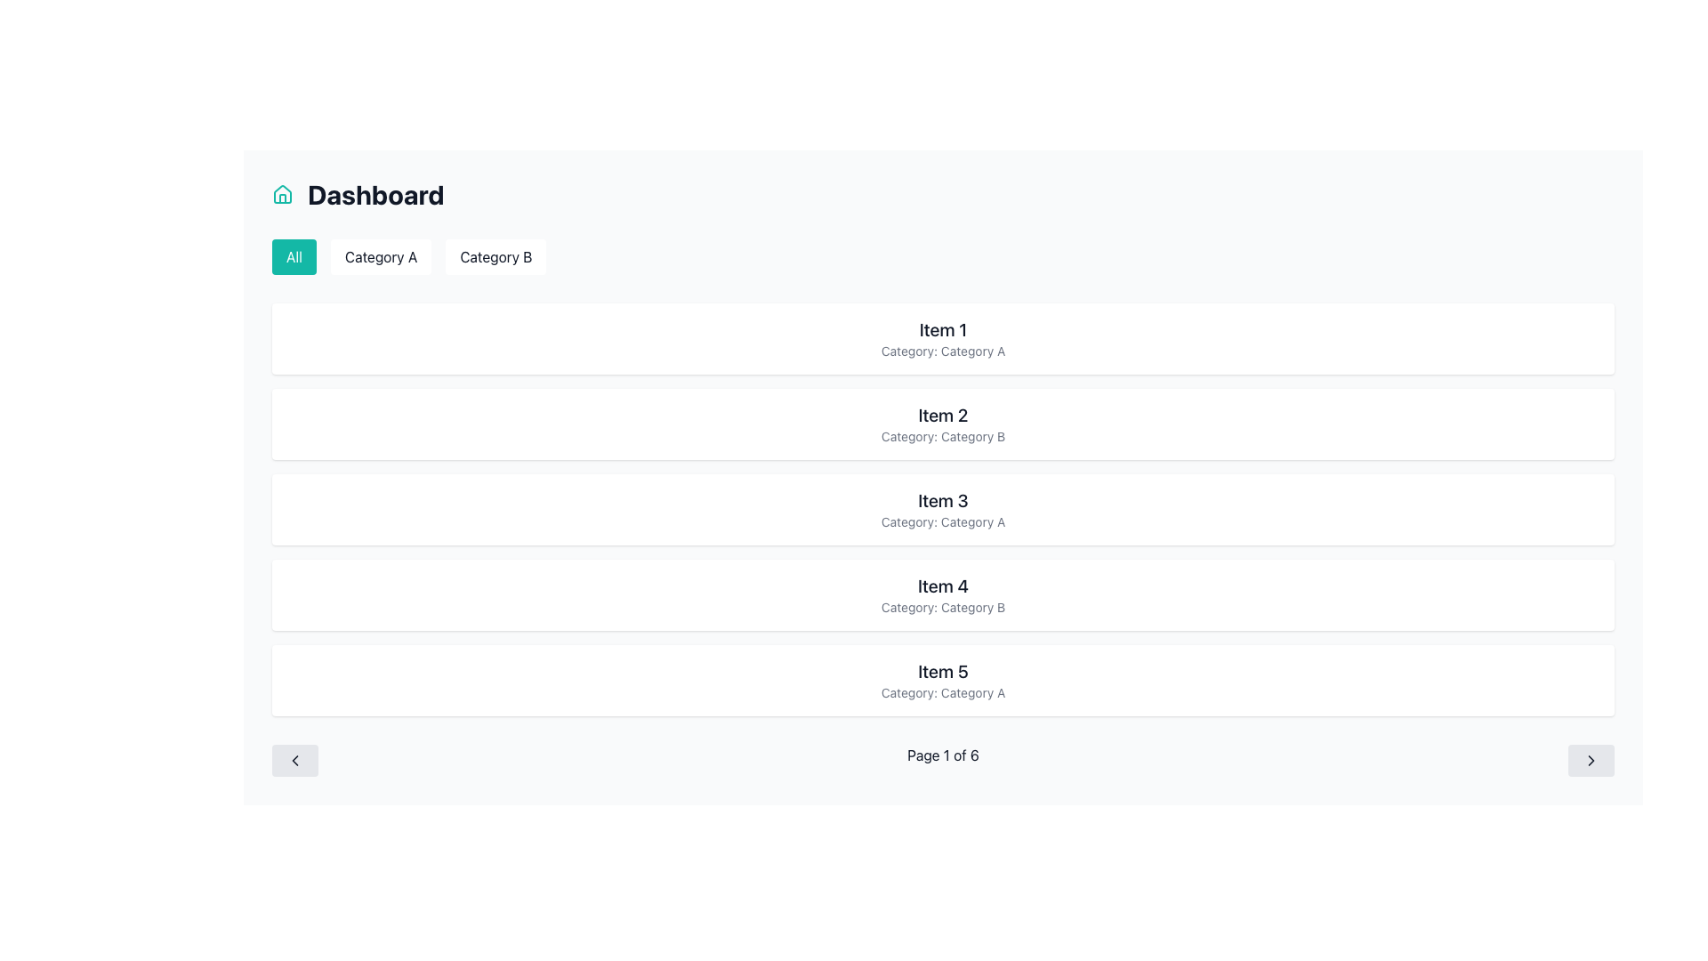 The width and height of the screenshot is (1708, 961). I want to click on the informative card displaying 'Item 1' with the subtitle 'Category: Category A', which is the first card in a vertical list of similar cards, so click(942, 339).